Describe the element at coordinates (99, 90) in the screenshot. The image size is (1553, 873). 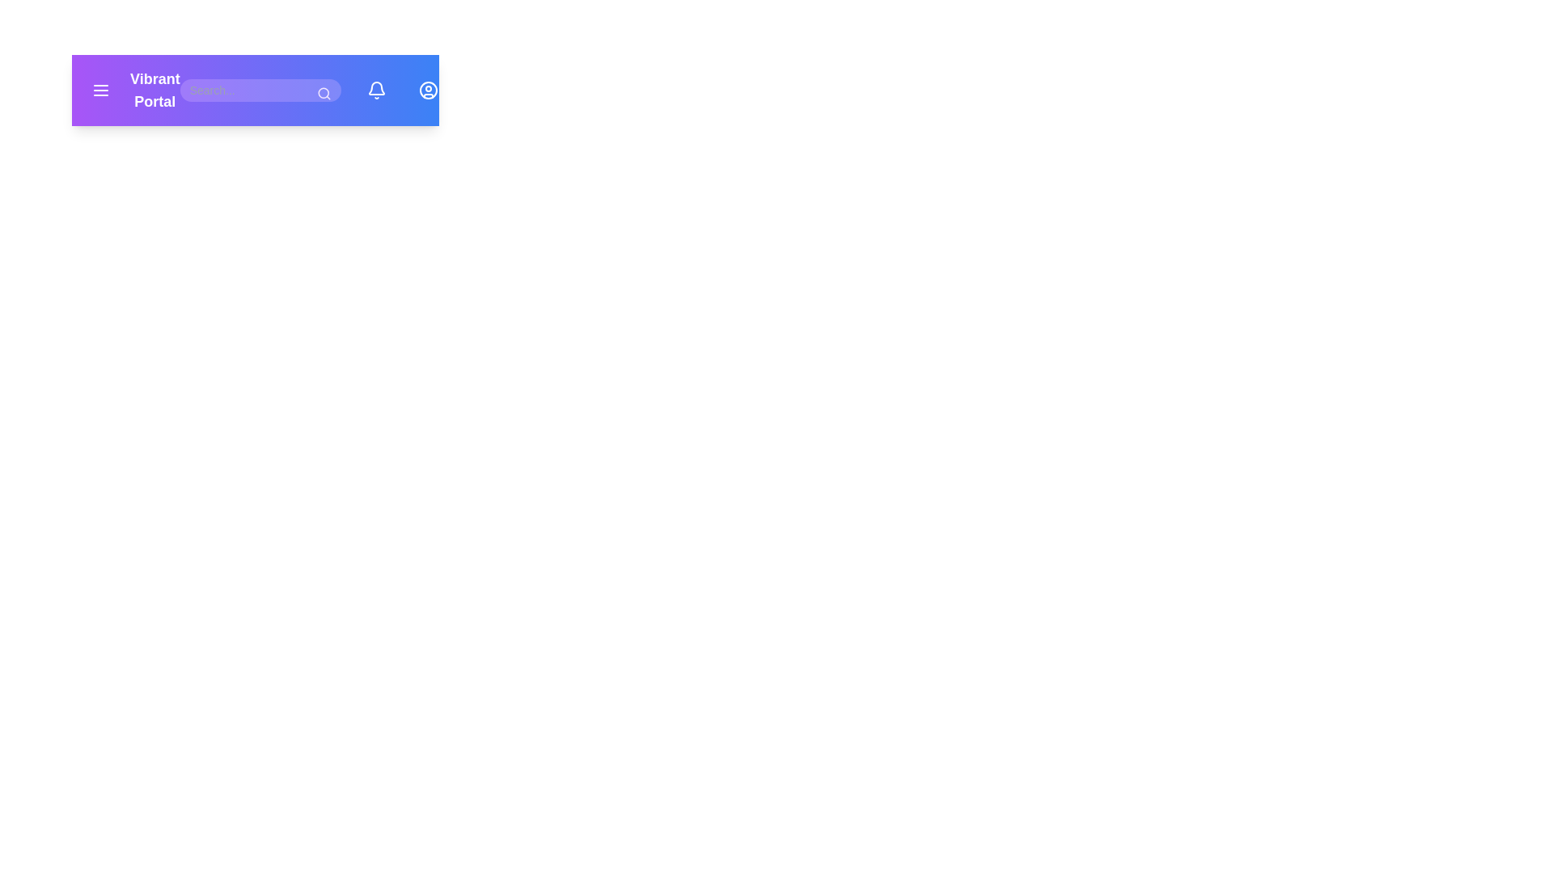
I see `the menu button to open the navigation menu` at that location.